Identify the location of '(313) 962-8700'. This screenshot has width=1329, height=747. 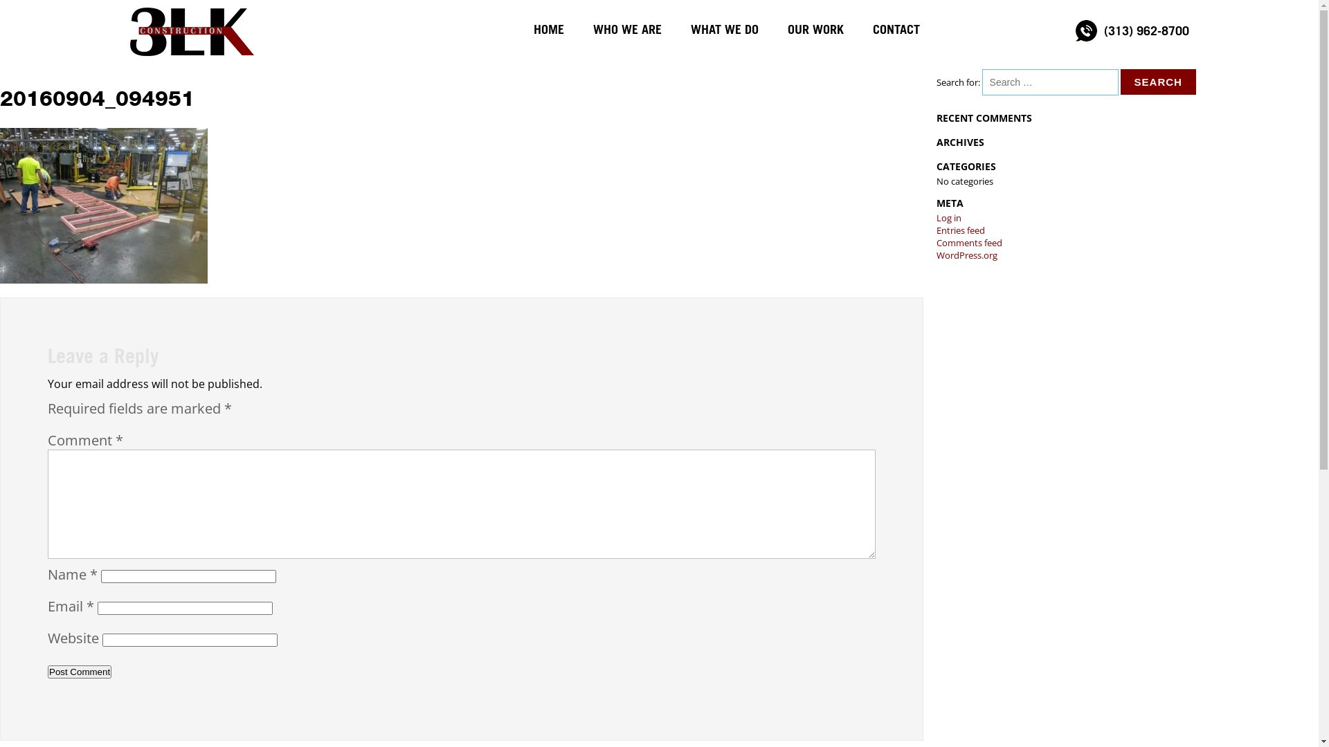
(1096, 29).